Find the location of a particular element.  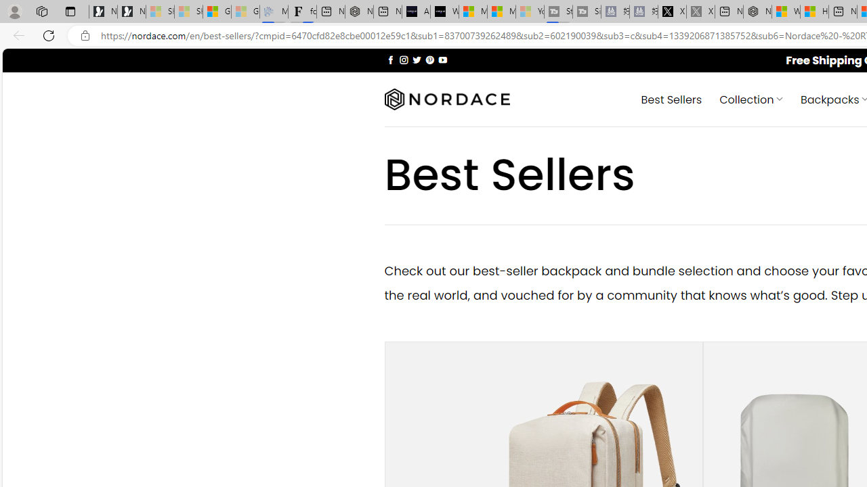

'What' is located at coordinates (444, 11).